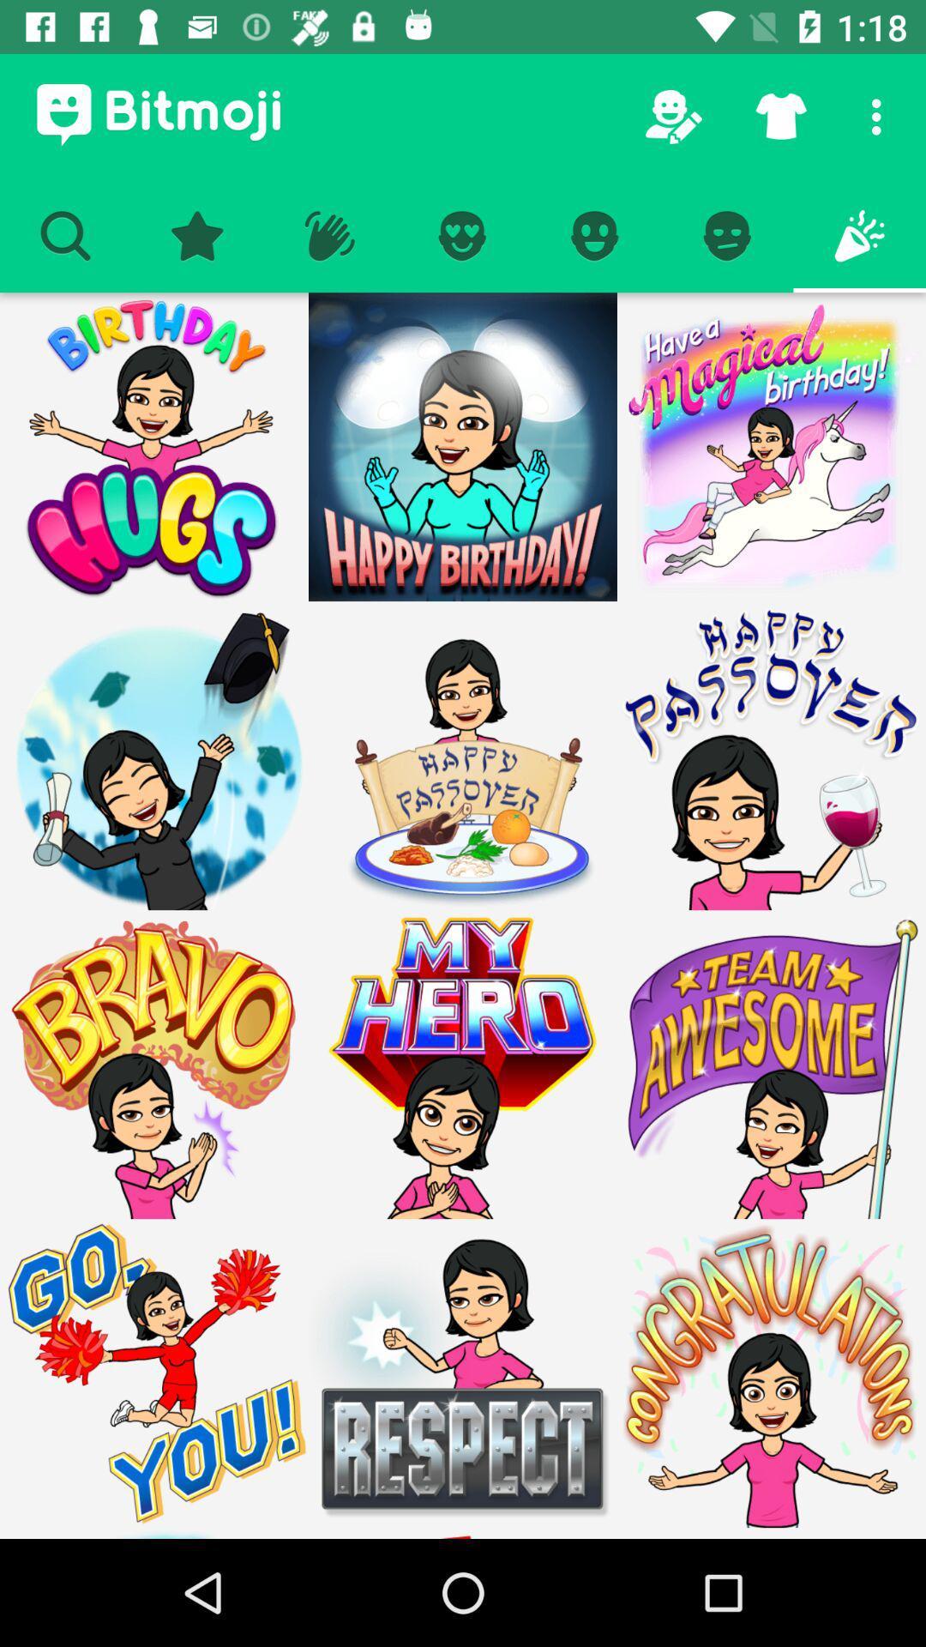 This screenshot has height=1647, width=926. What do you see at coordinates (770, 447) in the screenshot?
I see `bitmoji image` at bounding box center [770, 447].